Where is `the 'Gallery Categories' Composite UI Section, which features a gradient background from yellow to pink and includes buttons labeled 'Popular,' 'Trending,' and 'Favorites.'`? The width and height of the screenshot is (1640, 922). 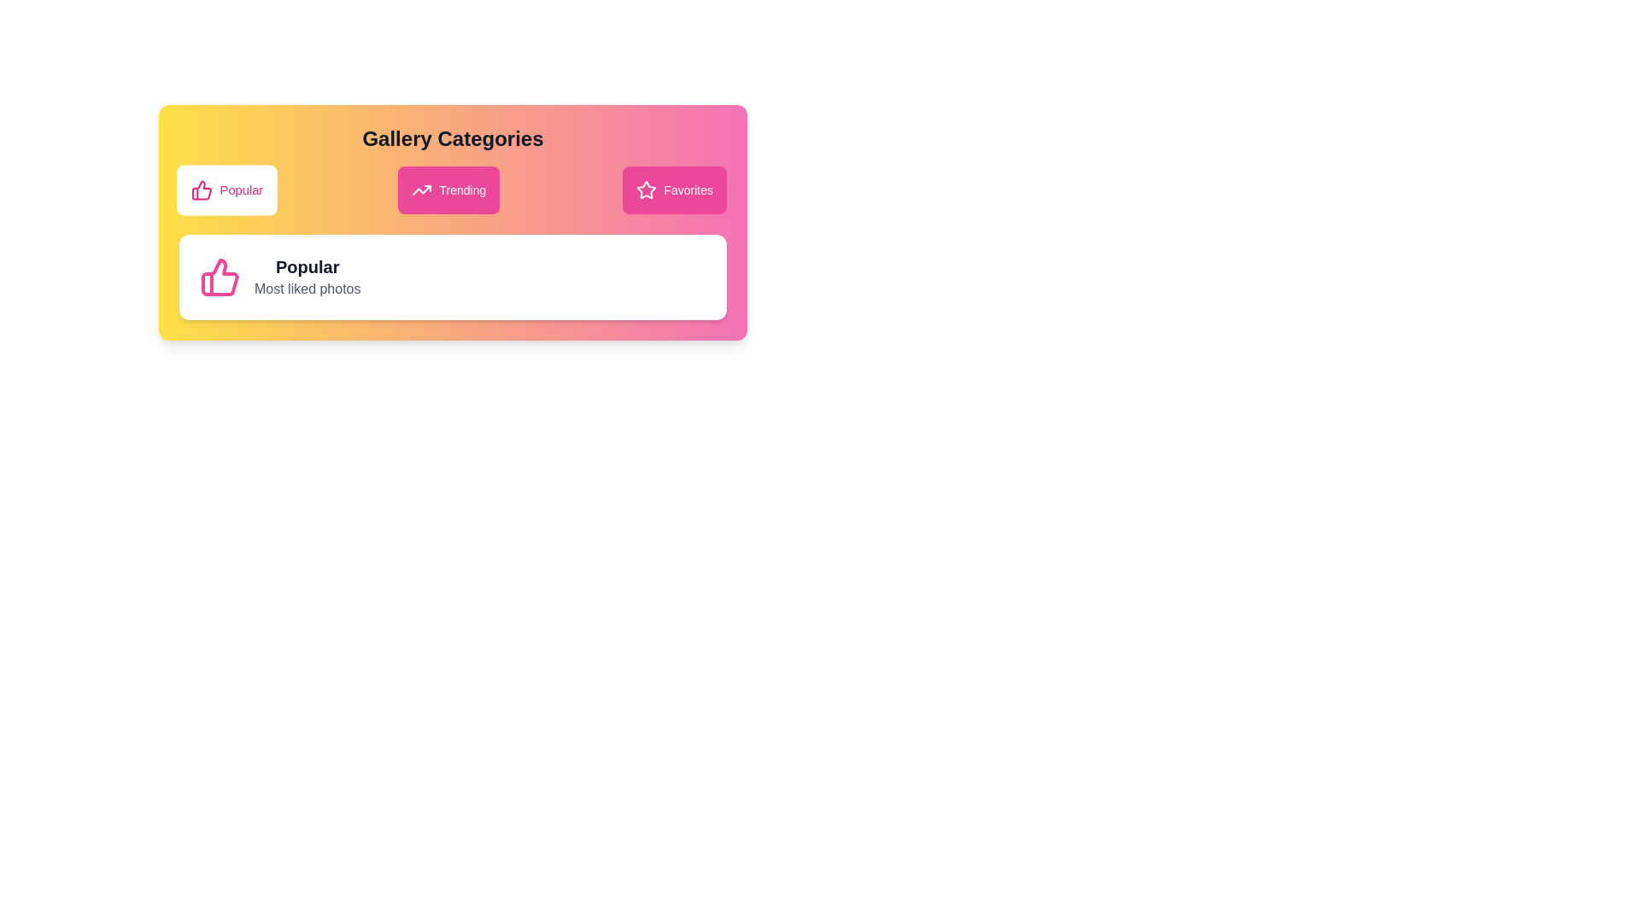 the 'Gallery Categories' Composite UI Section, which features a gradient background from yellow to pink and includes buttons labeled 'Popular,' 'Trending,' and 'Favorites.' is located at coordinates (453, 222).